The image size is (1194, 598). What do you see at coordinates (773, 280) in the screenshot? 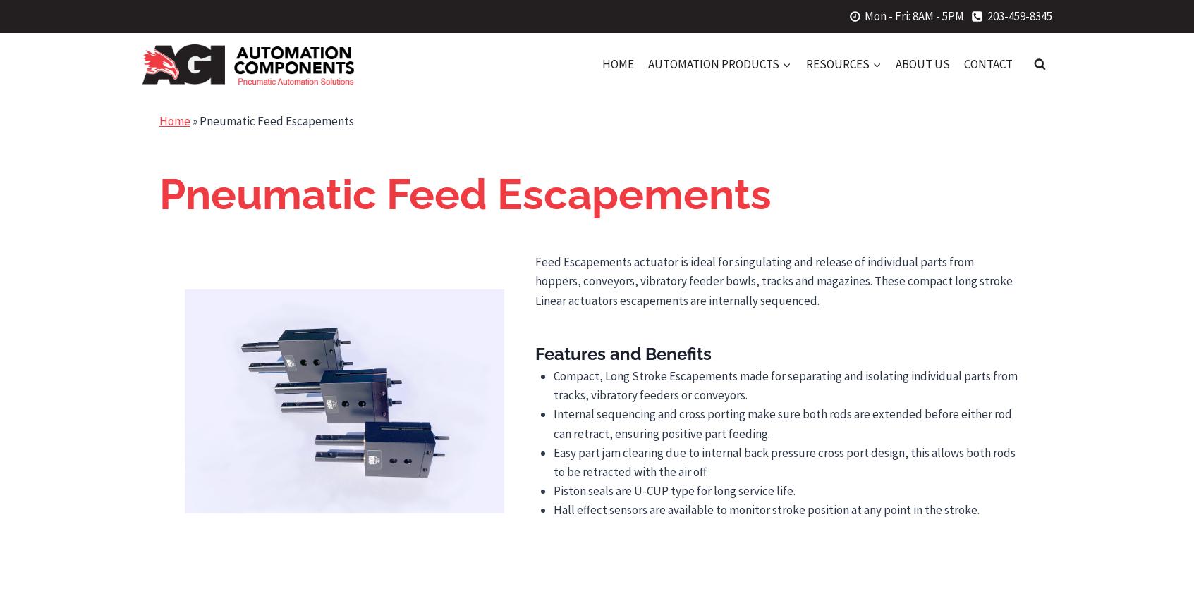
I see `'Feed Escapements actuator is ideal for singulating and release of individual parts from hoppers, conveyors, vibratory feeder bowls, tracks and magazines. These compact long stroke Linear actuators escapements are internally sequenced.'` at bounding box center [773, 280].